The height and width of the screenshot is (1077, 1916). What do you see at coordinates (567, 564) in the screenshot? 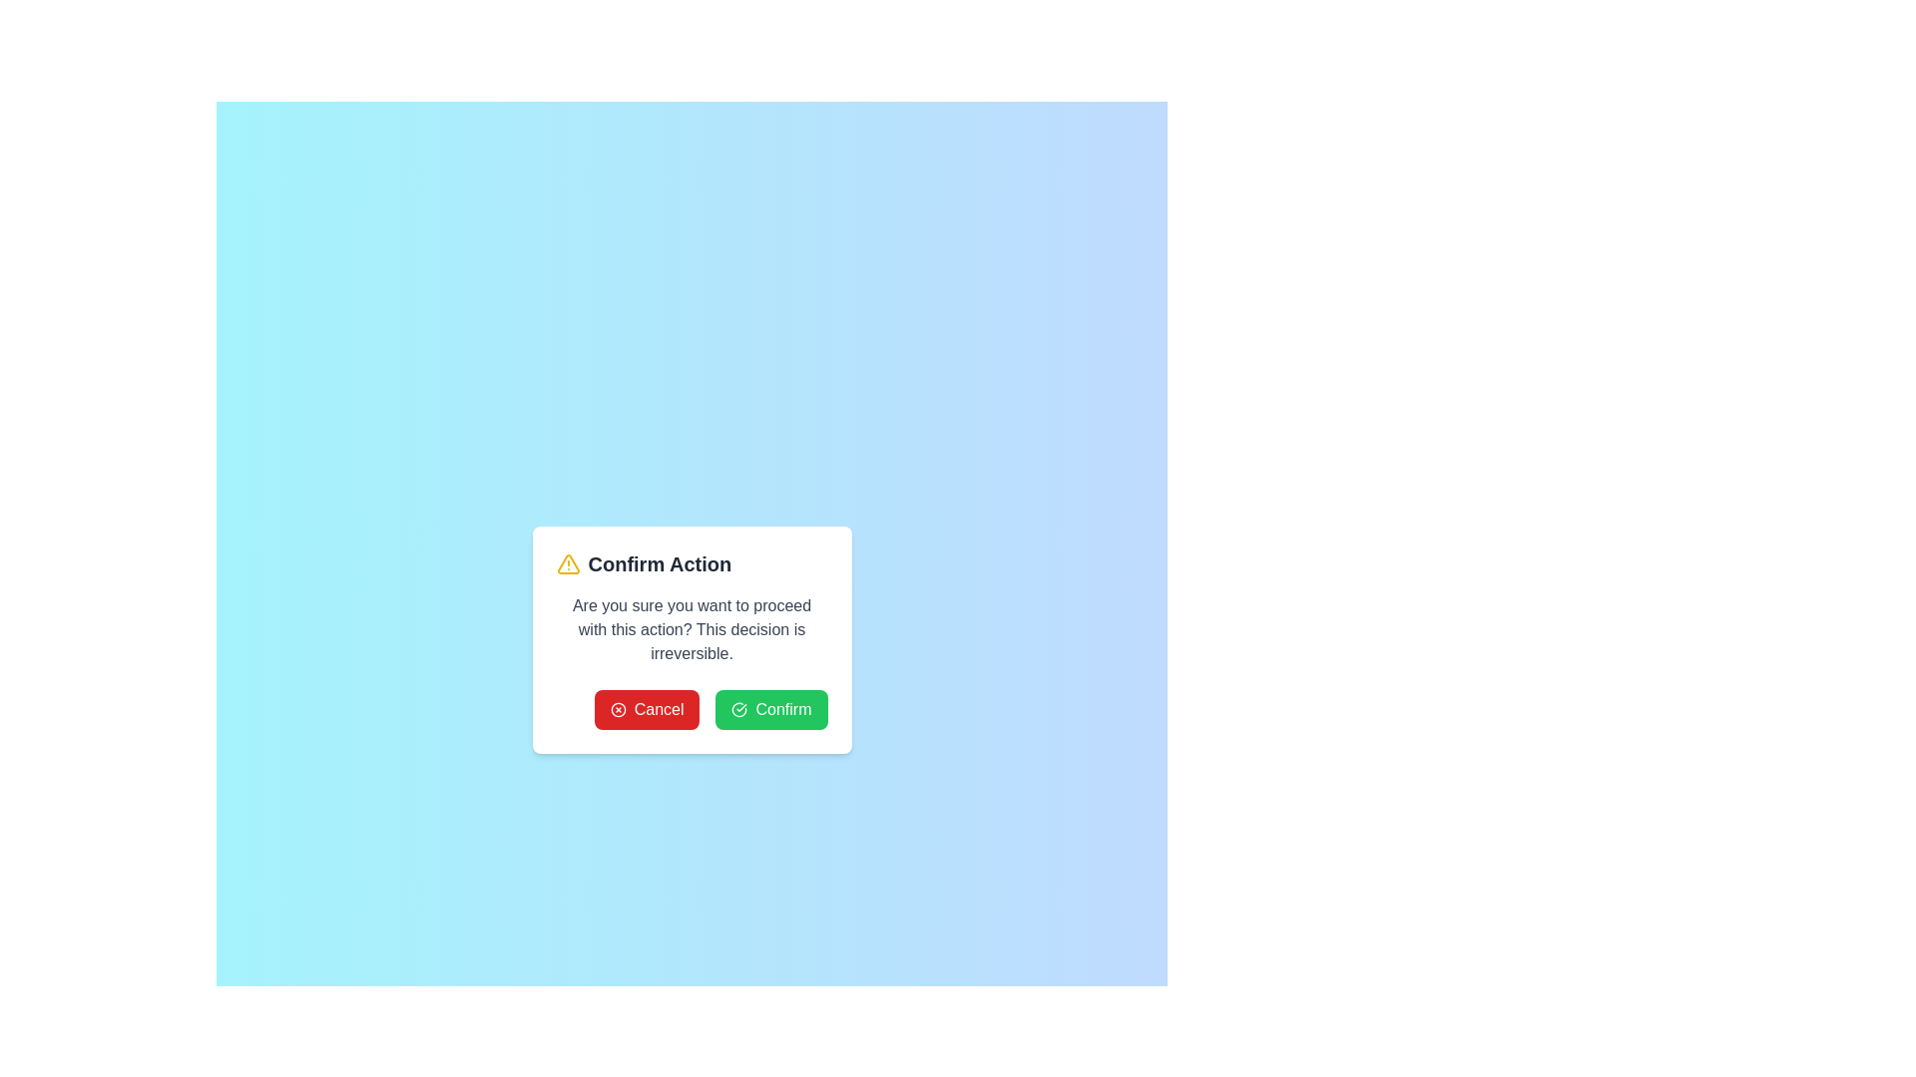
I see `the warning icon located in the header section of the 'Confirm Action' modal dialog box, which visually emphasizes an alert to the user` at bounding box center [567, 564].